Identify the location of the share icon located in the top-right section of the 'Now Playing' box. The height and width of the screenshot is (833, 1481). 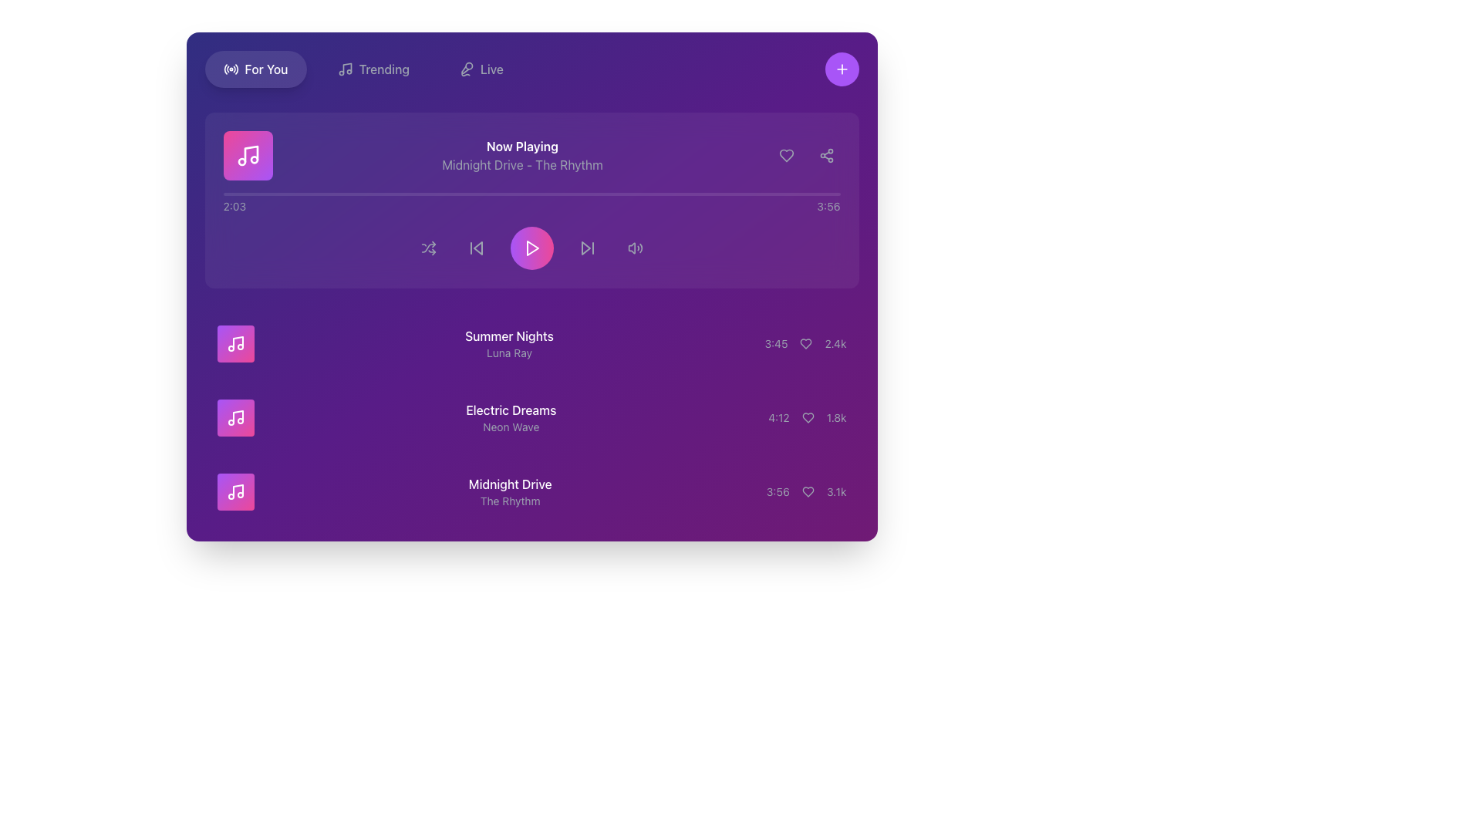
(825, 155).